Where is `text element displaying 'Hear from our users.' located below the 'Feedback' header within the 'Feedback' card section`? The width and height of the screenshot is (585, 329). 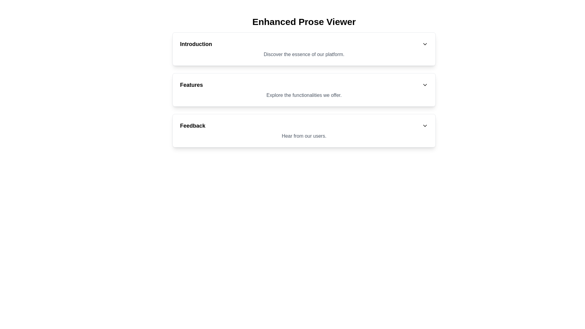
text element displaying 'Hear from our users.' located below the 'Feedback' header within the 'Feedback' card section is located at coordinates (304, 136).